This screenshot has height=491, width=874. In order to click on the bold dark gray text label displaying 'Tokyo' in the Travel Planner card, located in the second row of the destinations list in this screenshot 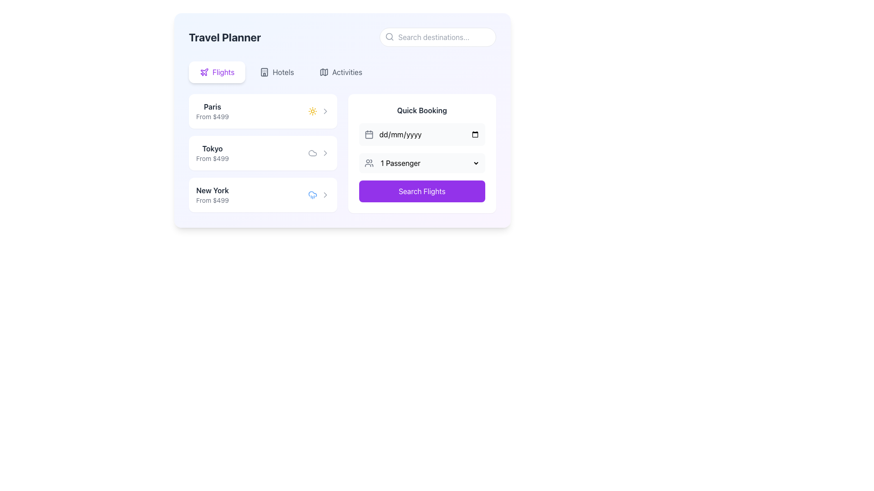, I will do `click(212, 148)`.